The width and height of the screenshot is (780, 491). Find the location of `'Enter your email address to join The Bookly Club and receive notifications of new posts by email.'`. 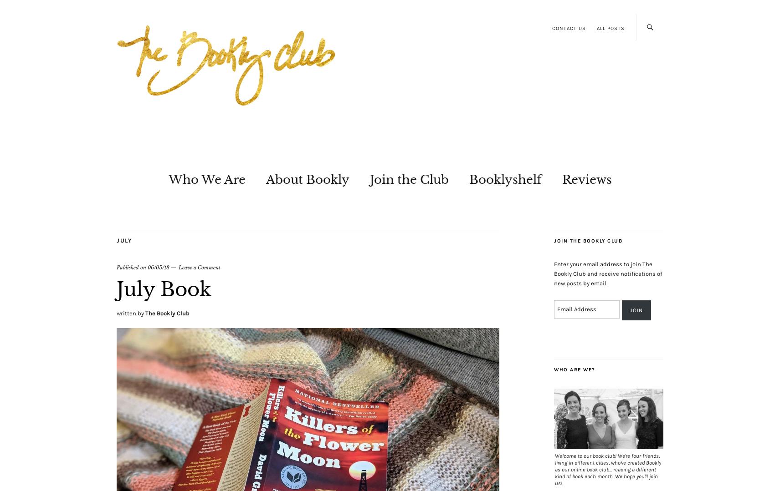

'Enter your email address to join The Bookly Club and receive notifications of new posts by email.' is located at coordinates (554, 273).